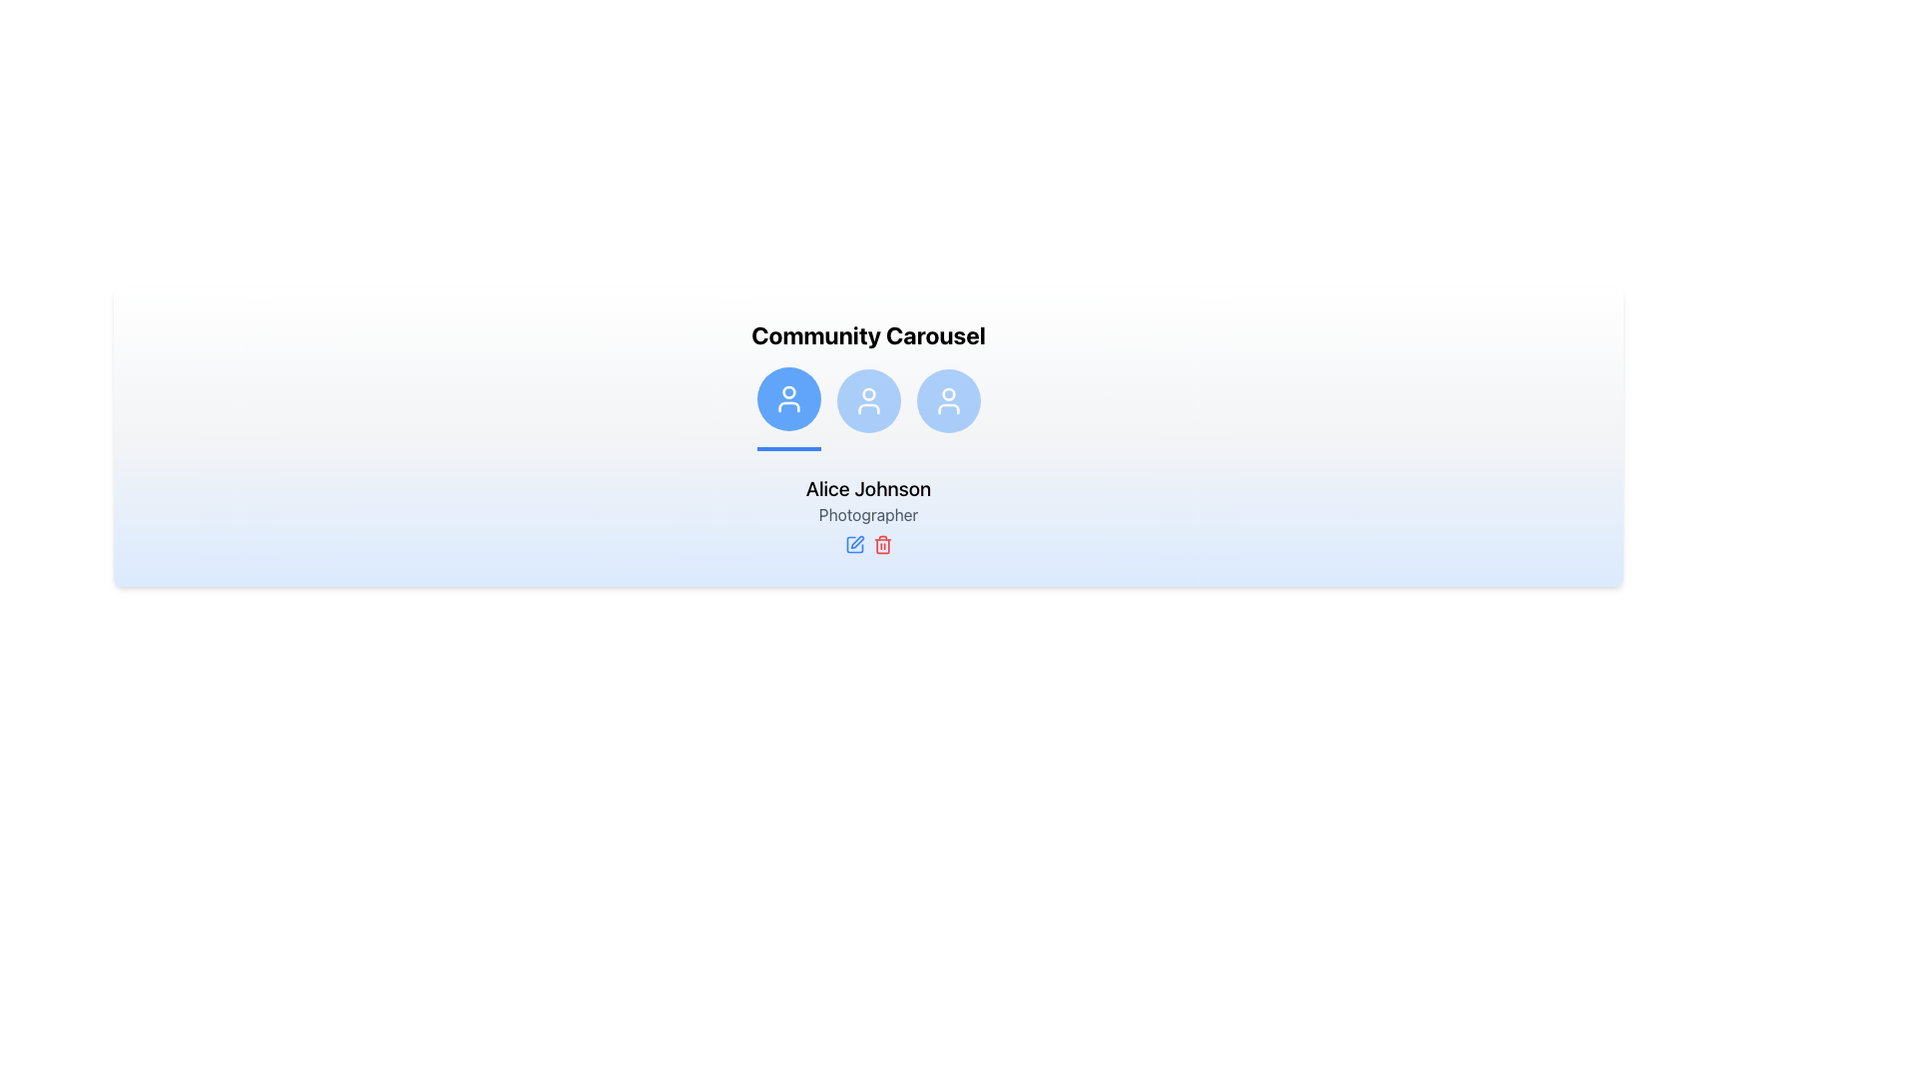 The width and height of the screenshot is (1916, 1078). I want to click on the user profile icon located as the third icon in a row of three circular icons, positioned to the far right of the group, so click(947, 407).